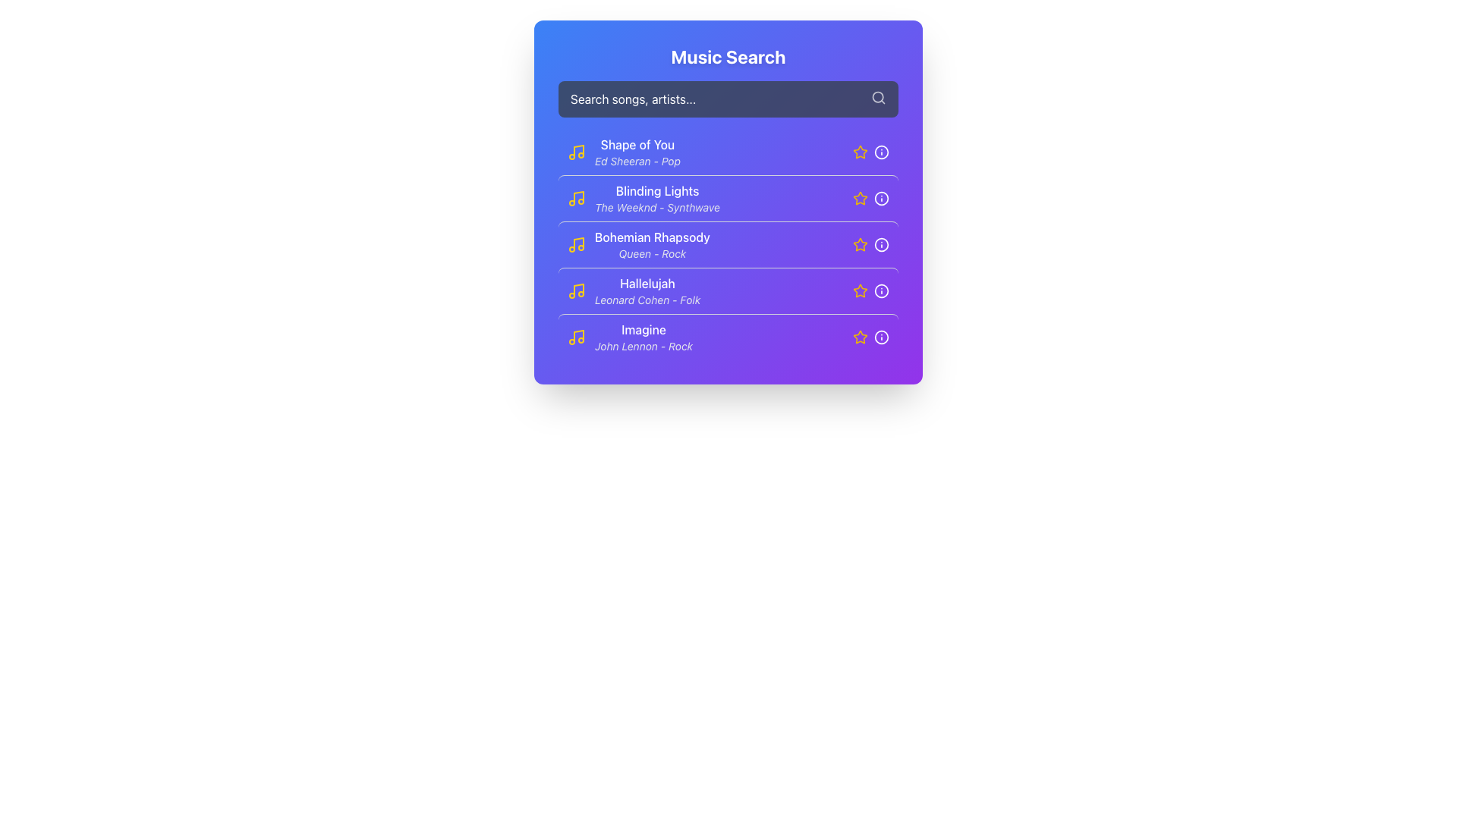 This screenshot has width=1457, height=819. What do you see at coordinates (728, 335) in the screenshot?
I see `the last song entry in the 'Music Search' list` at bounding box center [728, 335].